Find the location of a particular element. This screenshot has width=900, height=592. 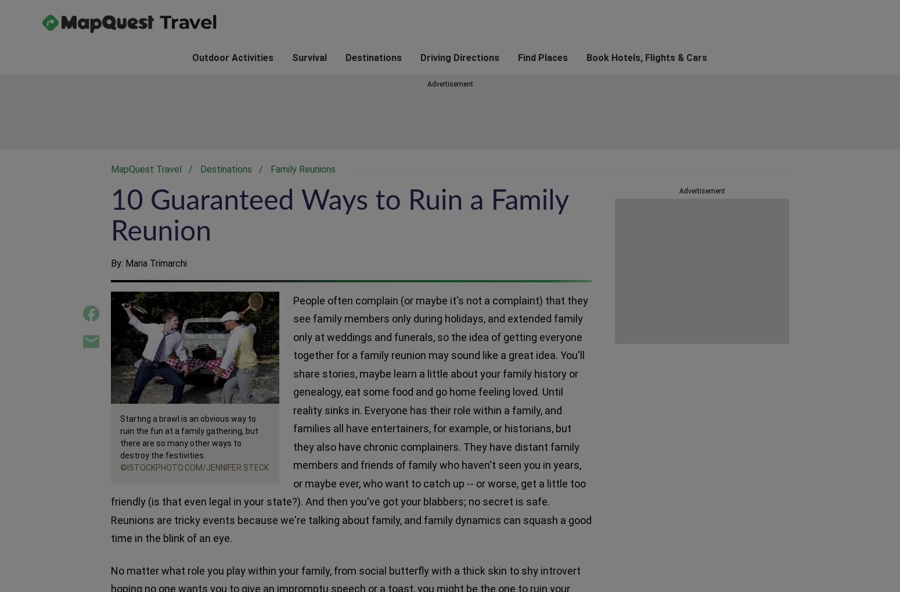

'Maria Trimarchi' is located at coordinates (156, 263).